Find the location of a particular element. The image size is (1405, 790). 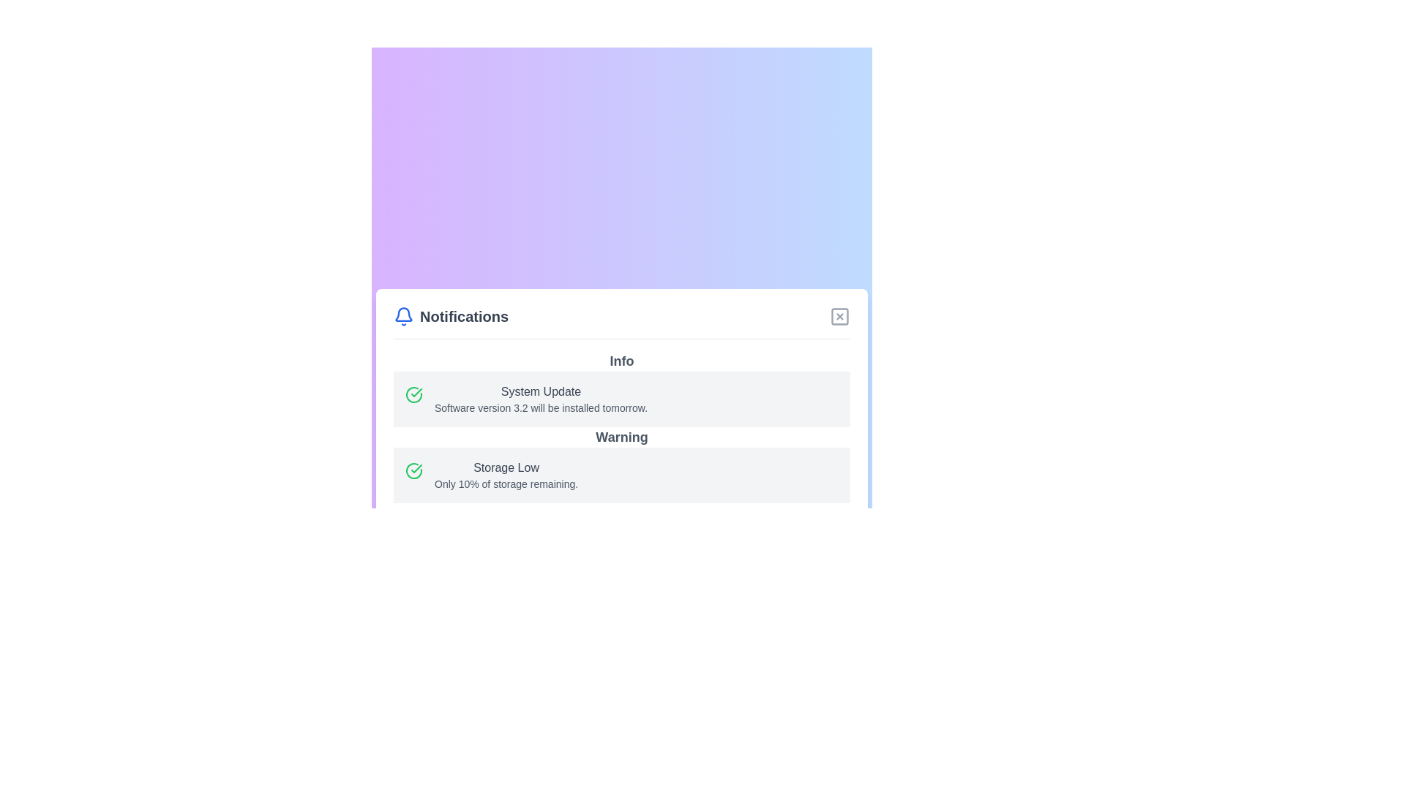

the warning notification regarding storage capacity, which is the second notification in the notification panel, positioned below the 'Info' notification is located at coordinates (621, 464).